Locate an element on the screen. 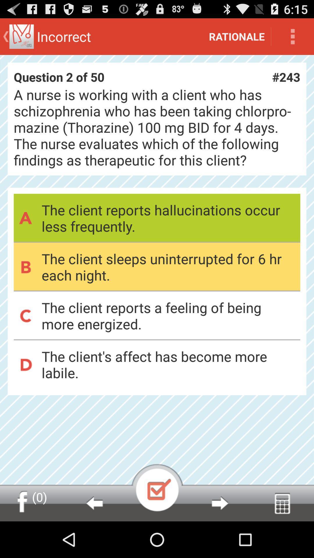 Image resolution: width=314 pixels, height=558 pixels. the forward button on the web page is located at coordinates (220, 503).